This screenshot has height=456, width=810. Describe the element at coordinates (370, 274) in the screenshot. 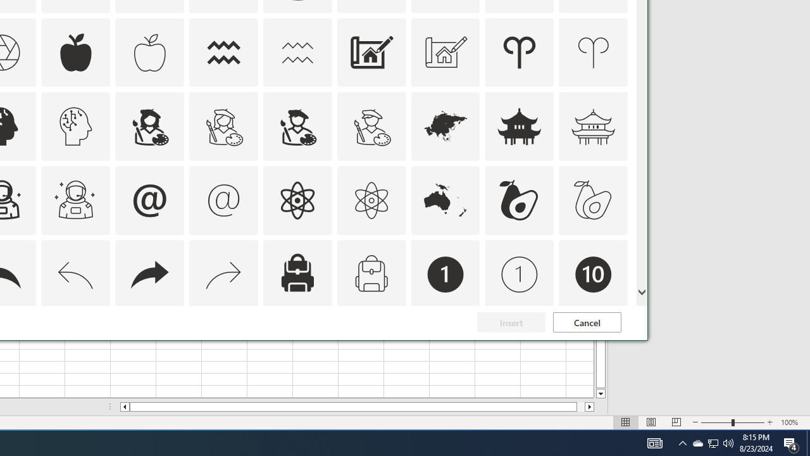

I see `'AutomationID: Icons_Backpack_M'` at that location.